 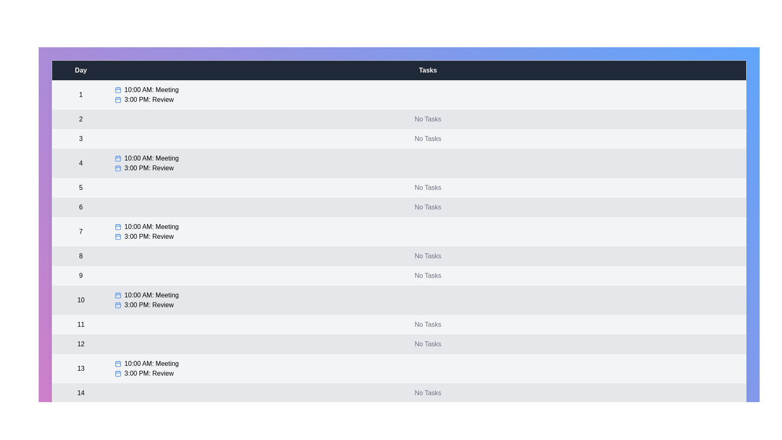 I want to click on the calendar icon next to the task for day 4, so click(x=117, y=158).